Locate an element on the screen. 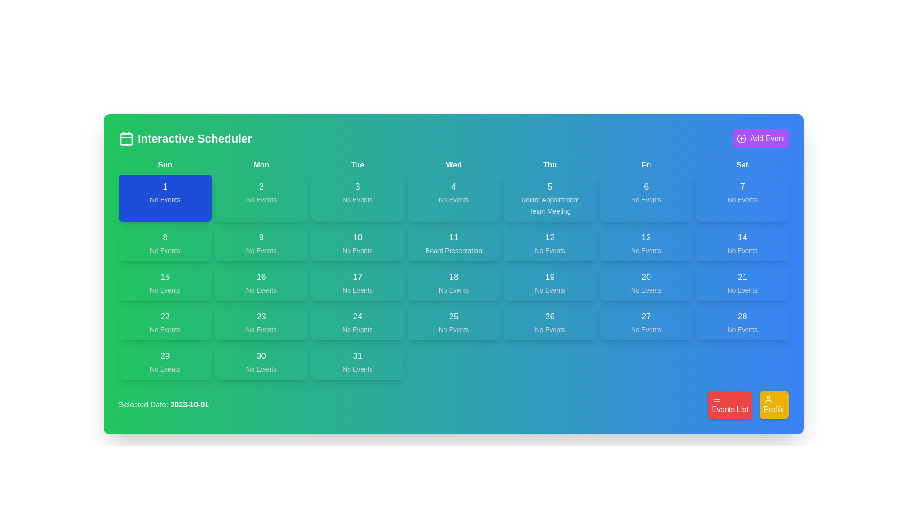  the text element displaying the day number of a calendar date, located within the lower portion of a clickable card in the calendar grid layout is located at coordinates (165, 356).